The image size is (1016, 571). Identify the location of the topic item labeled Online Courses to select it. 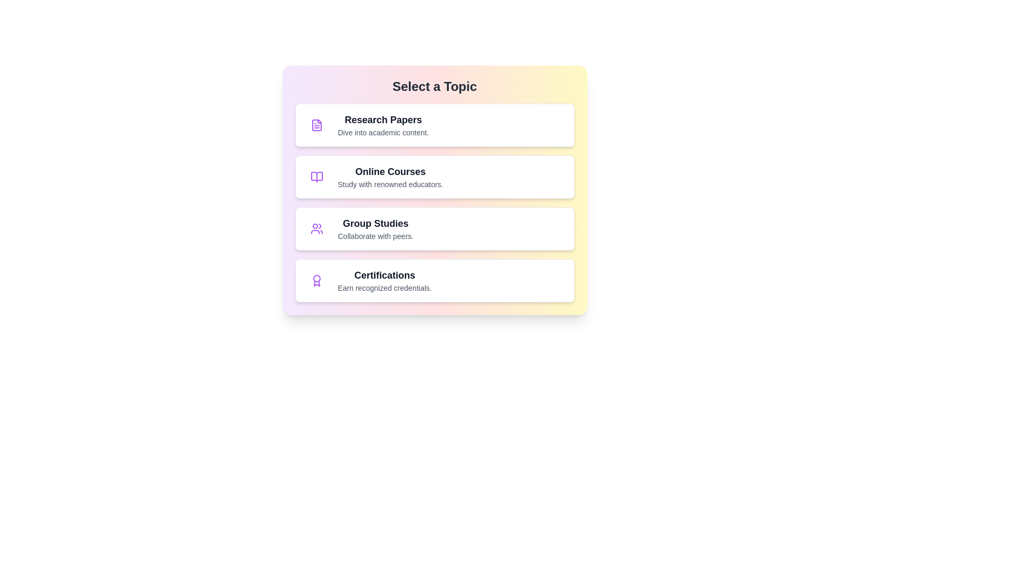
(434, 177).